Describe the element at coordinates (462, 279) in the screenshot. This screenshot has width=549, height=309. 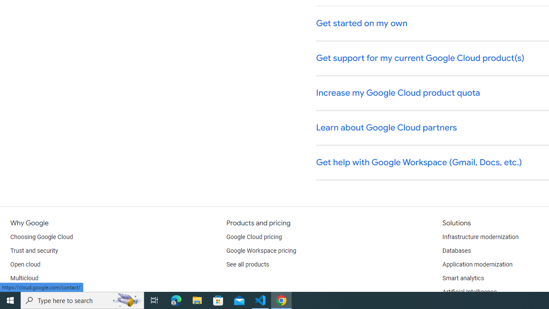
I see `'Smart analytics'` at that location.